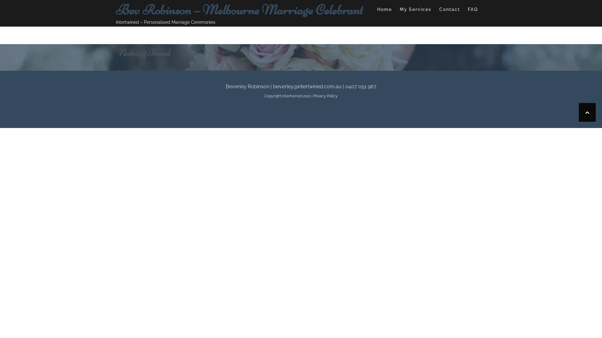  I want to click on 'Skip to content', so click(0, 0).